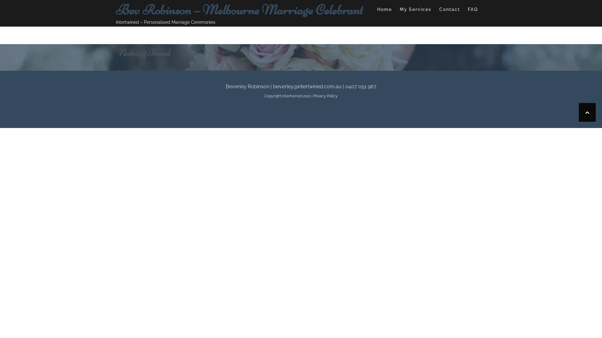  I want to click on 'Skip to content', so click(0, 0).